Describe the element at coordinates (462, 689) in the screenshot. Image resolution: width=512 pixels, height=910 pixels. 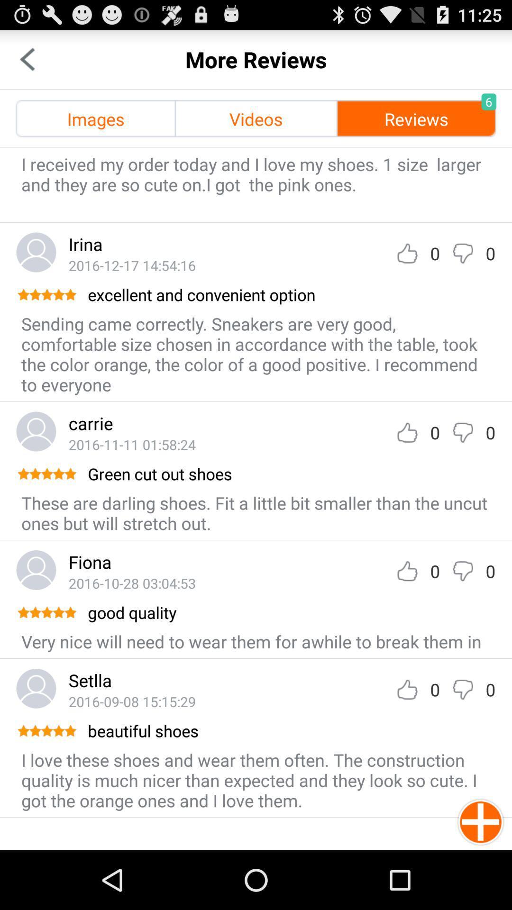
I see `down-vote` at that location.